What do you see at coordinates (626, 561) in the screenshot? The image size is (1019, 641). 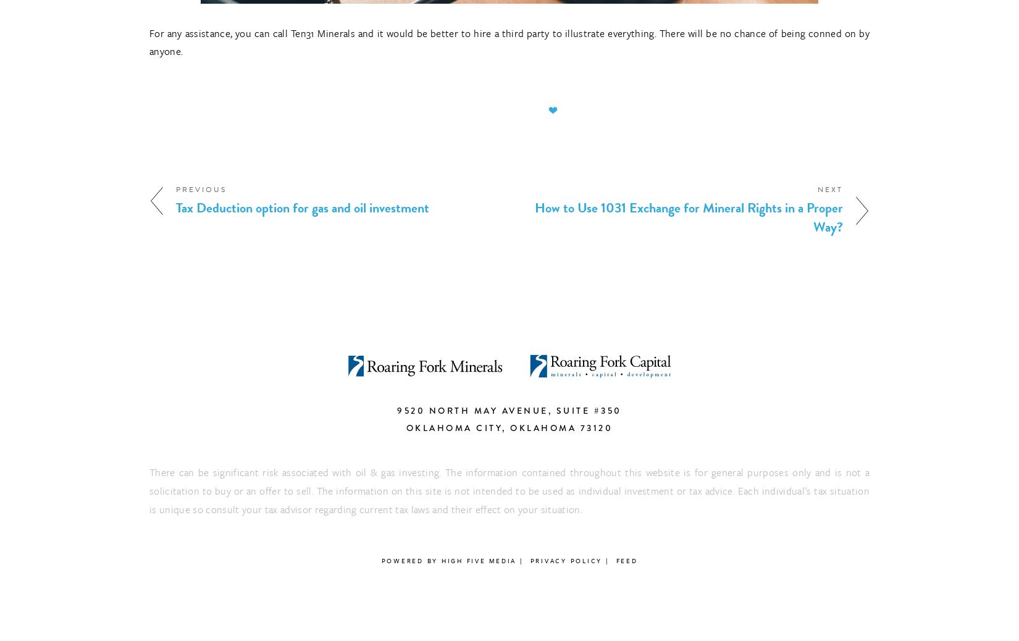 I see `'Feed'` at bounding box center [626, 561].